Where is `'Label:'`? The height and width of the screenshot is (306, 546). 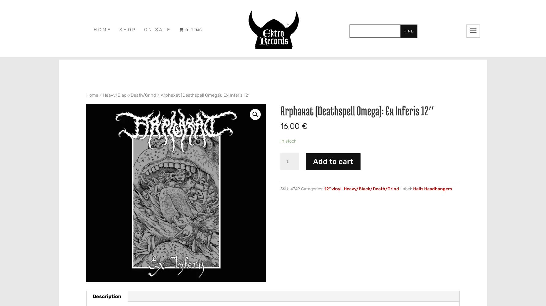
'Label:' is located at coordinates (406, 188).